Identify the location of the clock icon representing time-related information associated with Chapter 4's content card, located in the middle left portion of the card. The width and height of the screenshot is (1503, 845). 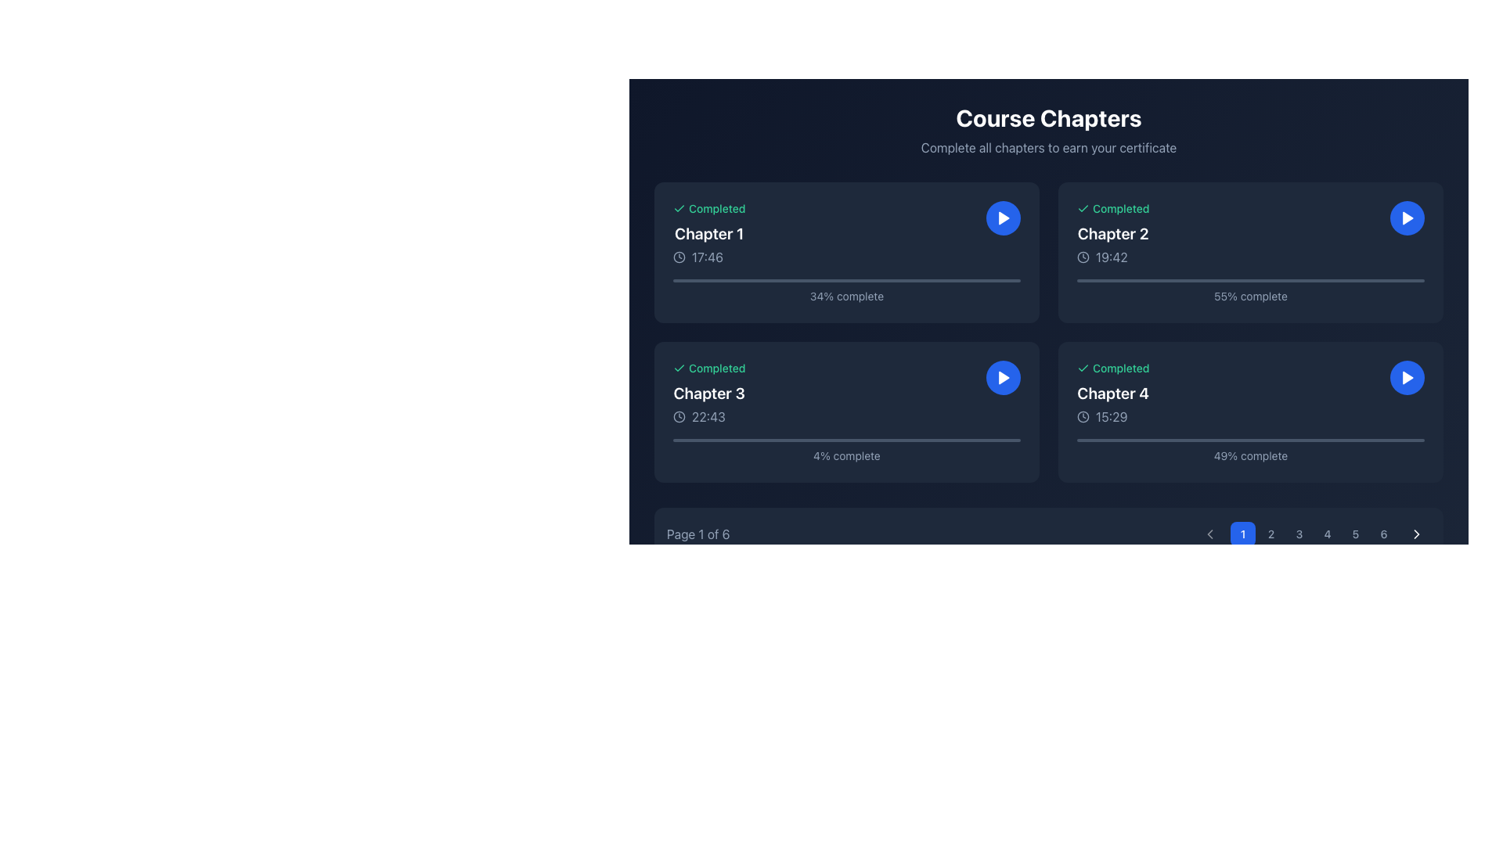
(1082, 415).